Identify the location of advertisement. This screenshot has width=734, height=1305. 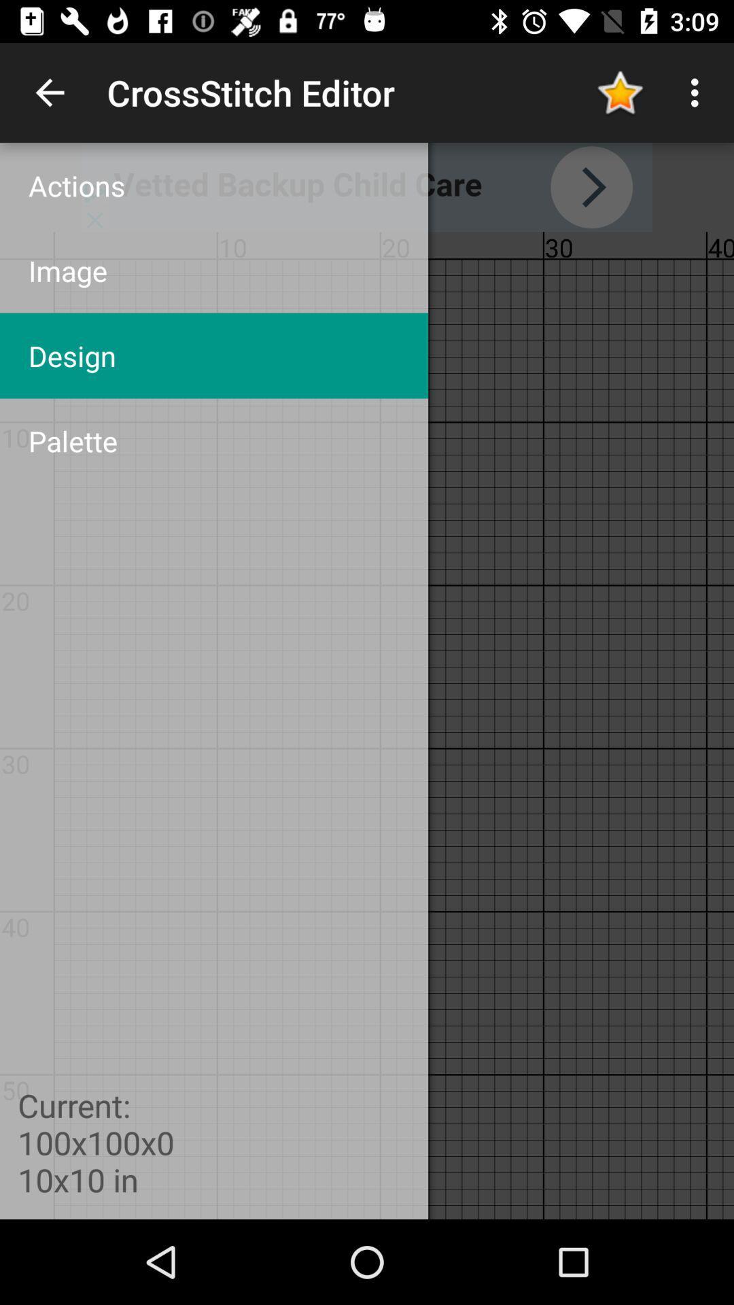
(367, 186).